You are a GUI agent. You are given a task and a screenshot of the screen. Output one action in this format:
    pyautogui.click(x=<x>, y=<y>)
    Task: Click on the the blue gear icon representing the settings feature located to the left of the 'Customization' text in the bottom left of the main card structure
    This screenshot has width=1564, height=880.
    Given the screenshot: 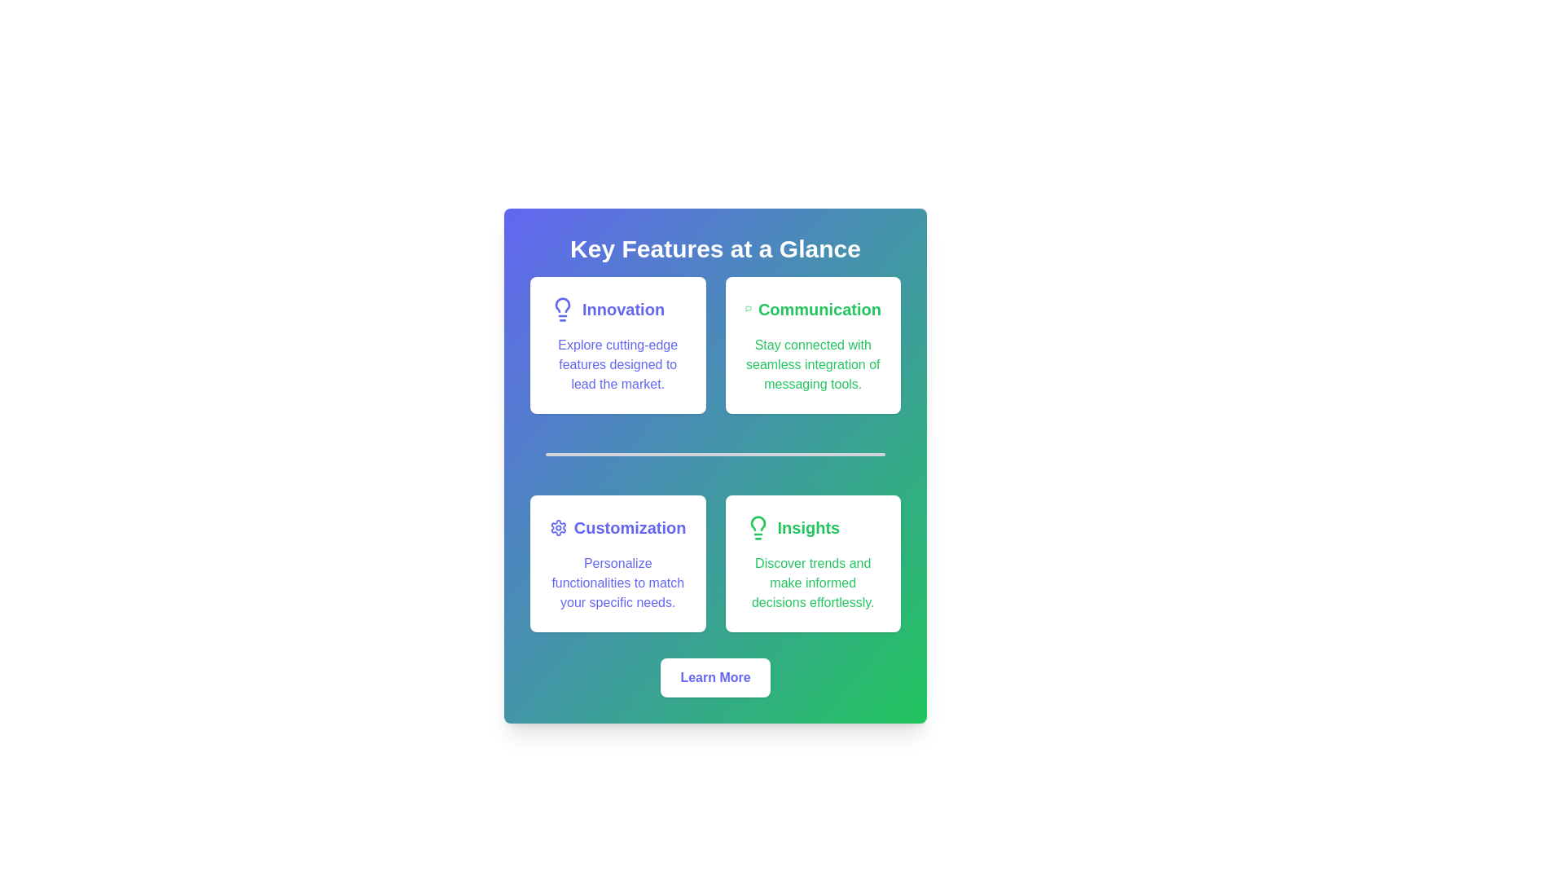 What is the action you would take?
    pyautogui.click(x=558, y=528)
    